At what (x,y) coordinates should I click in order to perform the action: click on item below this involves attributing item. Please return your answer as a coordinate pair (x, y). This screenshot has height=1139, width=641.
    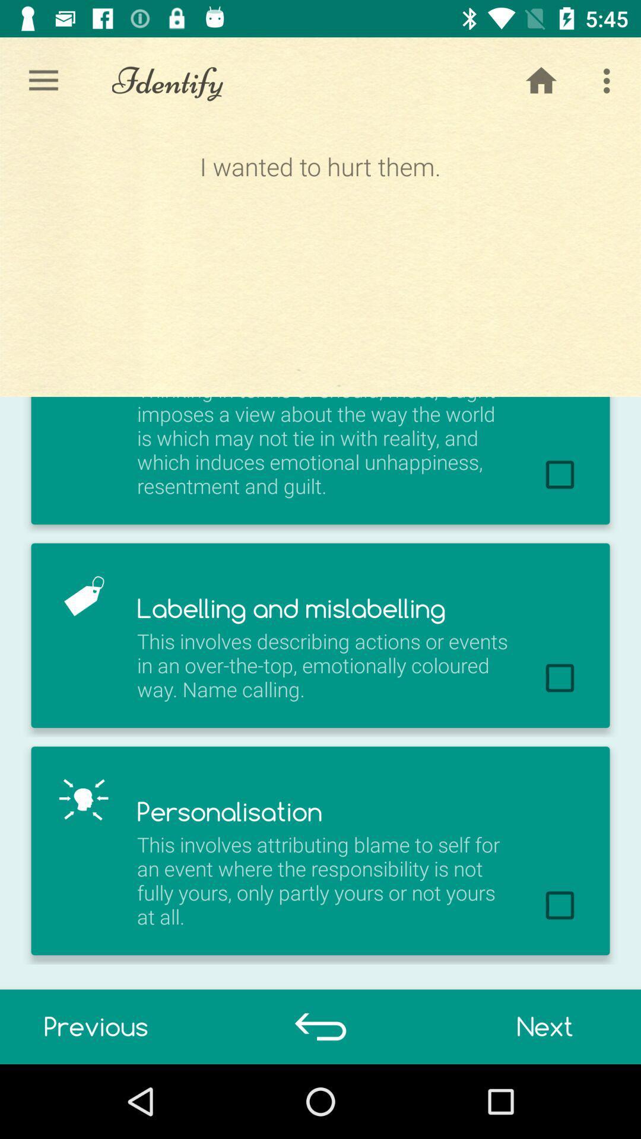
    Looking at the image, I should click on (96, 1026).